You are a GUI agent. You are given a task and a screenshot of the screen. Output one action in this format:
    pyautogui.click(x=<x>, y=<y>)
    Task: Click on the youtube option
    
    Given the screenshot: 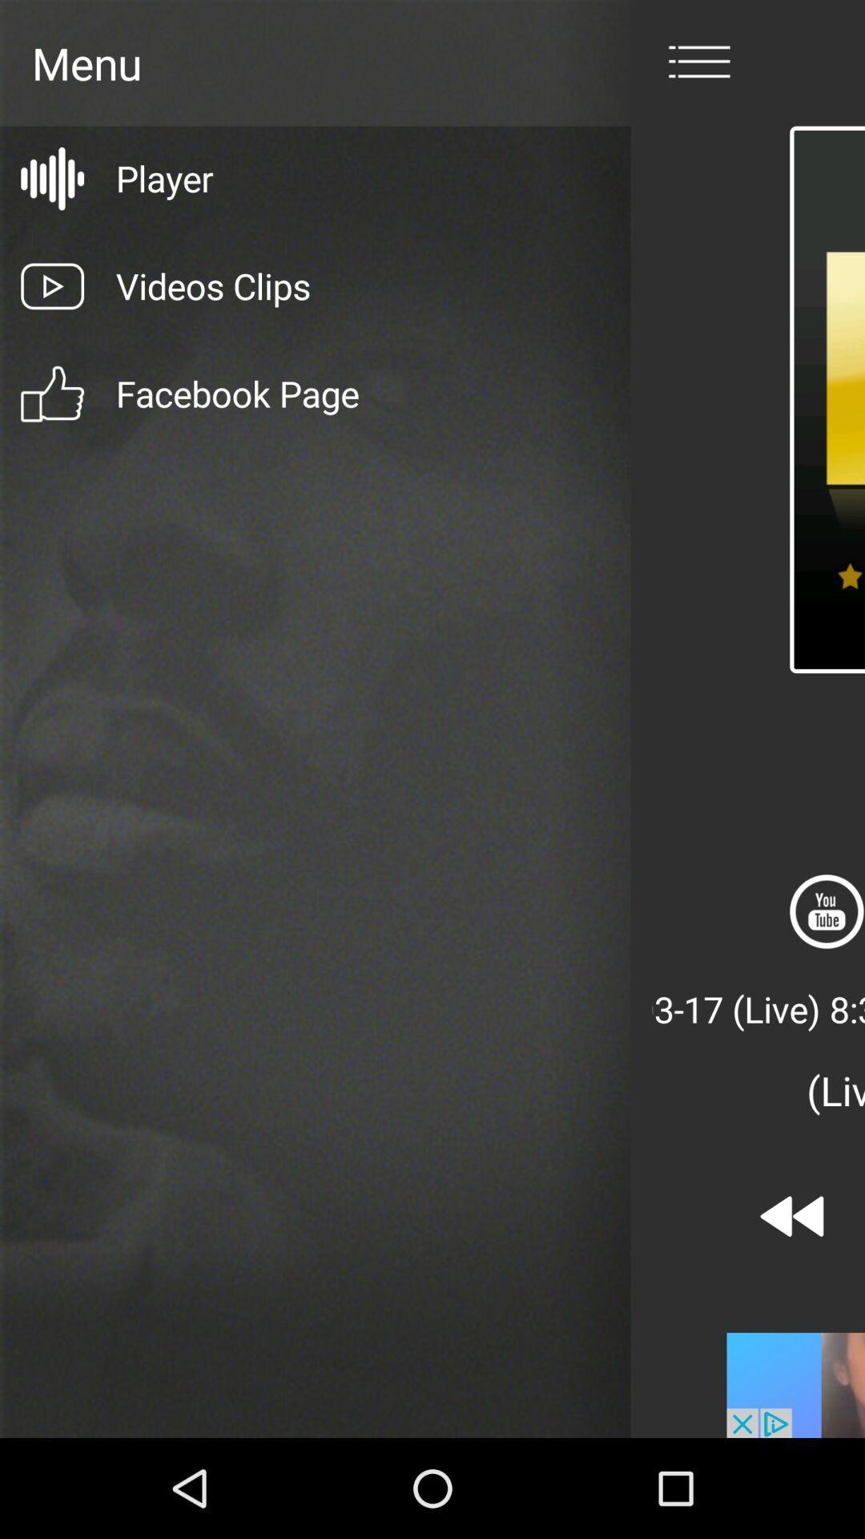 What is the action you would take?
    pyautogui.click(x=827, y=911)
    